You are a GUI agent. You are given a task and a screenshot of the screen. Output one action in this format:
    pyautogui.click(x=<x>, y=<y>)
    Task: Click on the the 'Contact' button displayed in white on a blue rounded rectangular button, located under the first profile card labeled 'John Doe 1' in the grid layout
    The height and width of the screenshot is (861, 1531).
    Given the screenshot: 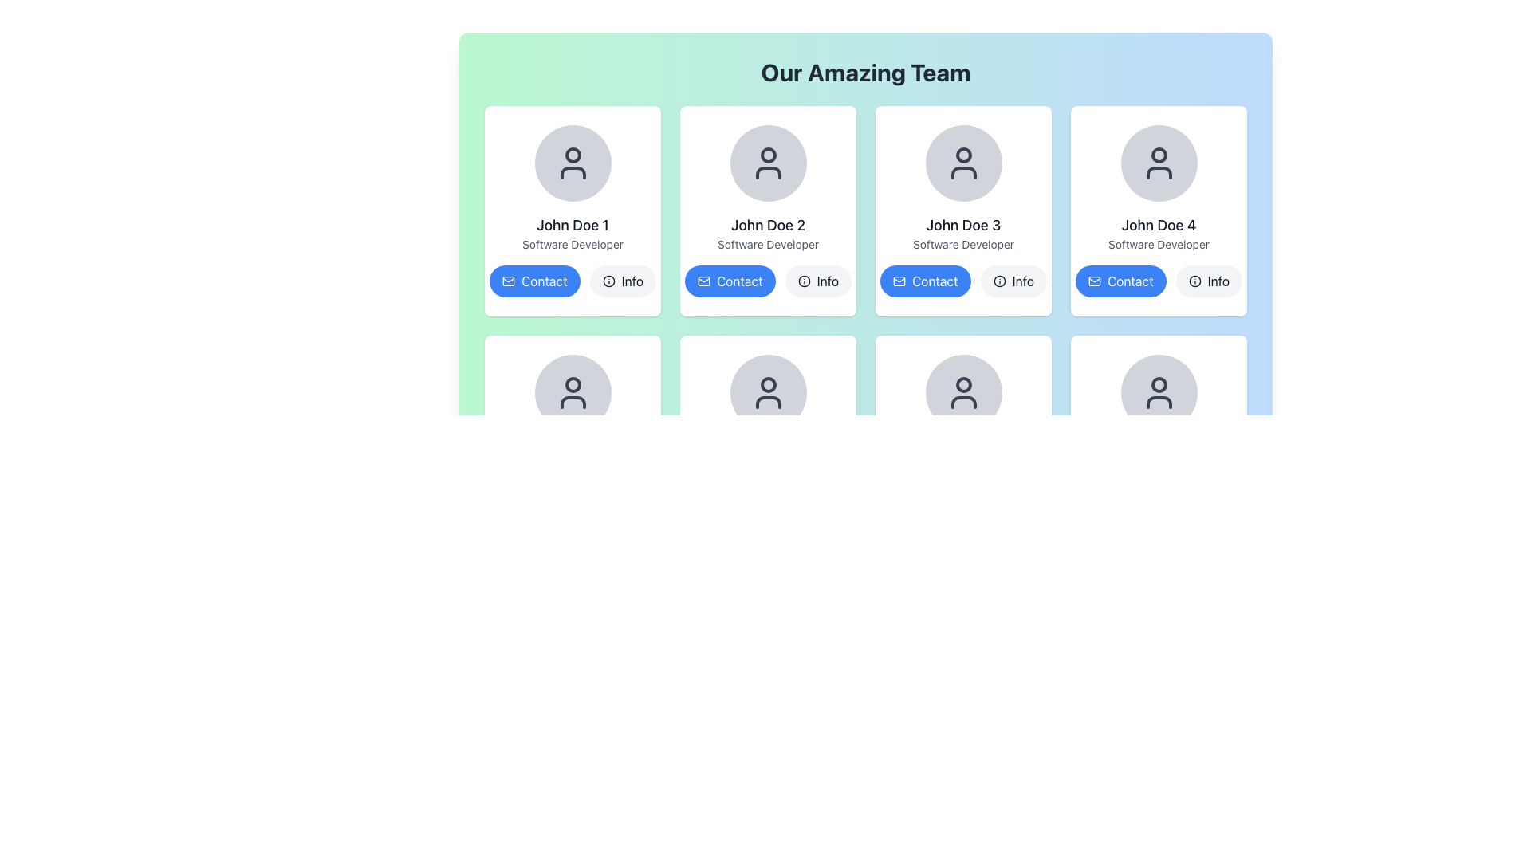 What is the action you would take?
    pyautogui.click(x=544, y=281)
    